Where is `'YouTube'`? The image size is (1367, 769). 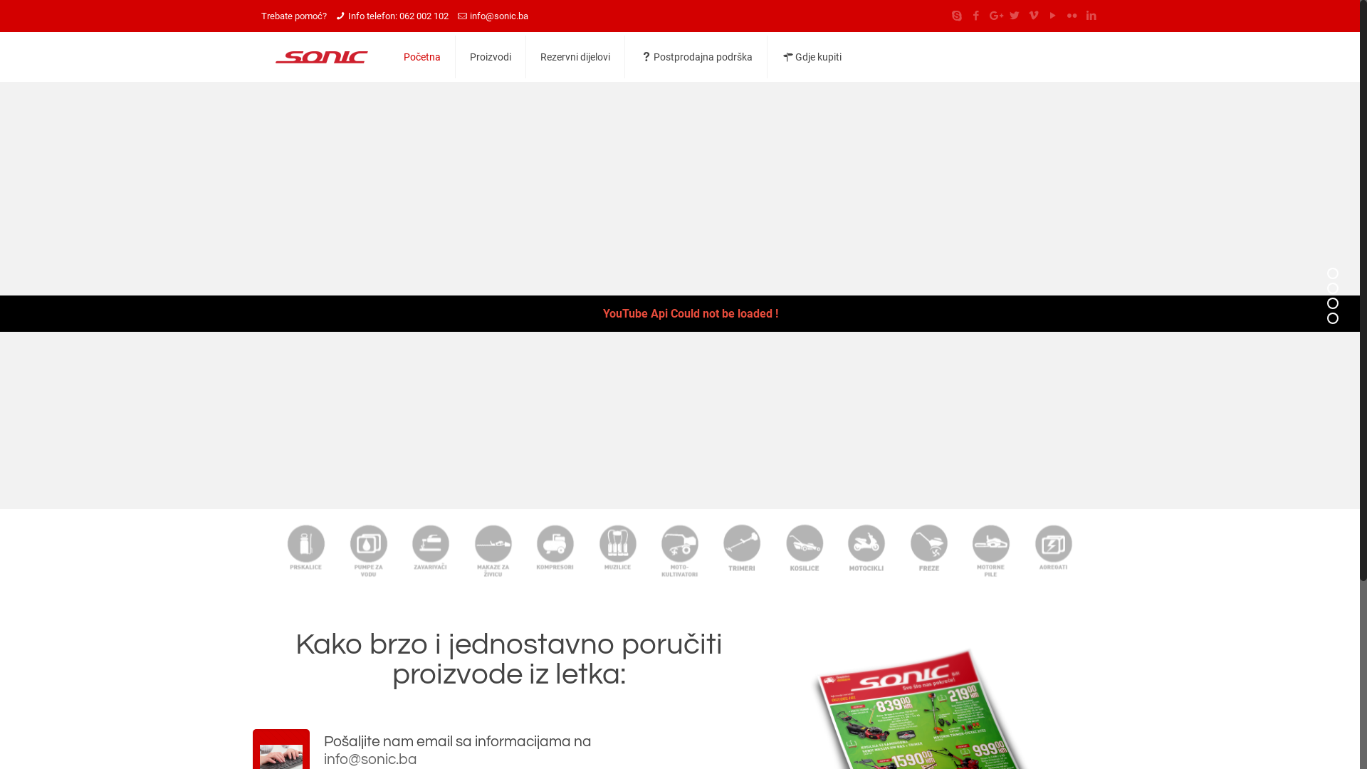 'YouTube' is located at coordinates (1052, 16).